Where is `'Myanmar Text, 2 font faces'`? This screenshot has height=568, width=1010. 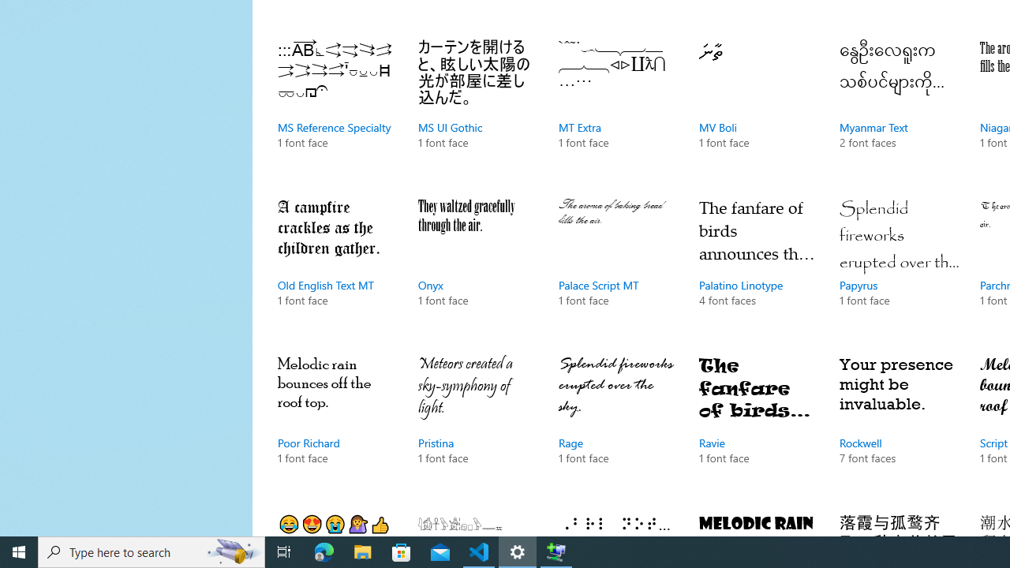 'Myanmar Text, 2 font faces' is located at coordinates (899, 110).